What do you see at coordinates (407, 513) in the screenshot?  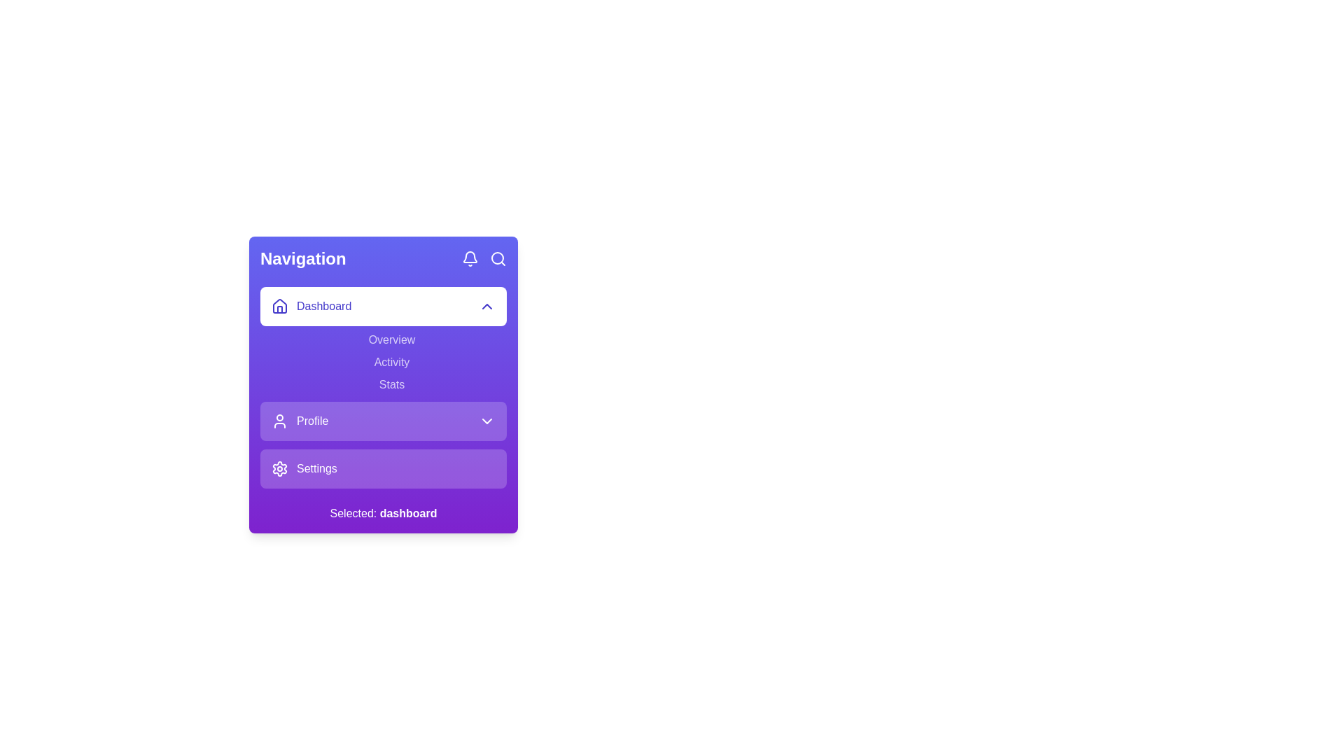 I see `text displayed in the Text Label that shows the currently selected option, which is 'dashboard'` at bounding box center [407, 513].